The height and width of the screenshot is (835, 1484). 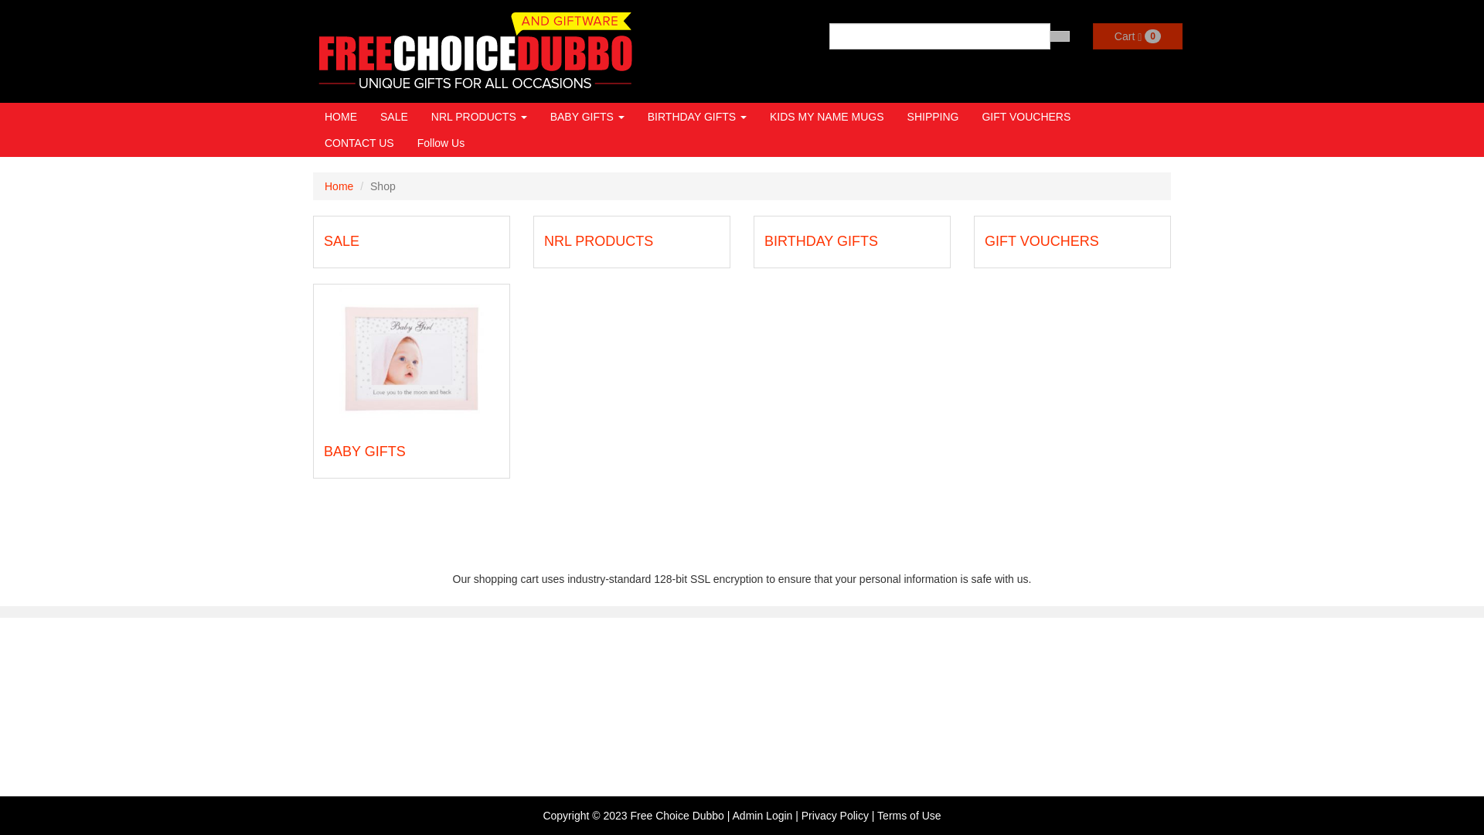 What do you see at coordinates (932, 115) in the screenshot?
I see `'SHIPPING'` at bounding box center [932, 115].